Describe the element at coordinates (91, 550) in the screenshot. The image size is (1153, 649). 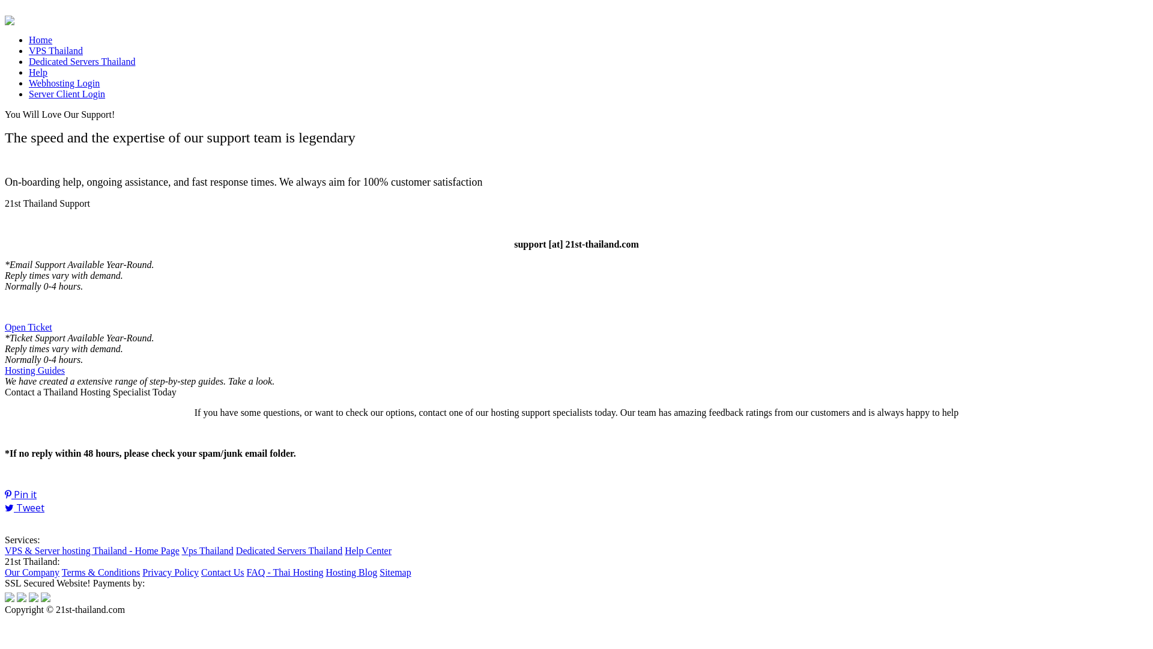
I see `'VPS & Server hosting Thailand - Home Page'` at that location.